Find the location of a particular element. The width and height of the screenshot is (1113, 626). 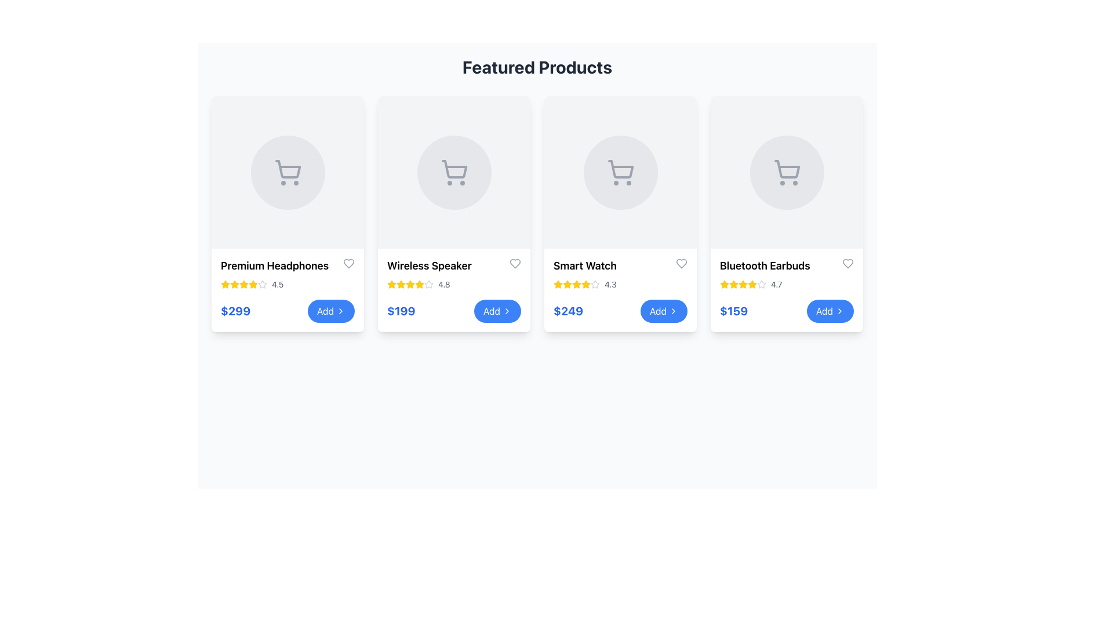

the shopping cart icon located inside the fourth product card titled 'Bluetooth Earbuds', which is centrally positioned within the circular area of the card is located at coordinates (787, 169).